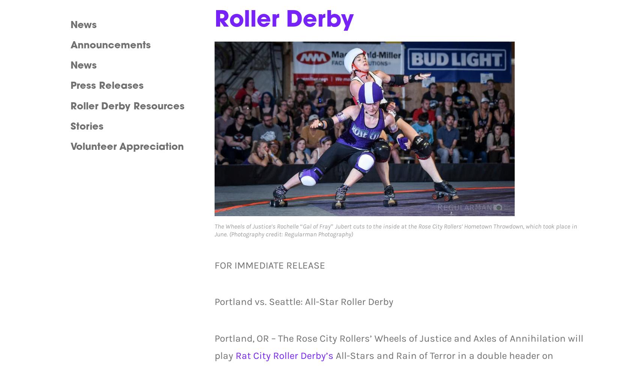 Image resolution: width=640 pixels, height=369 pixels. Describe the element at coordinates (269, 265) in the screenshot. I see `'FOR IMMEDIATE RELEASE'` at that location.